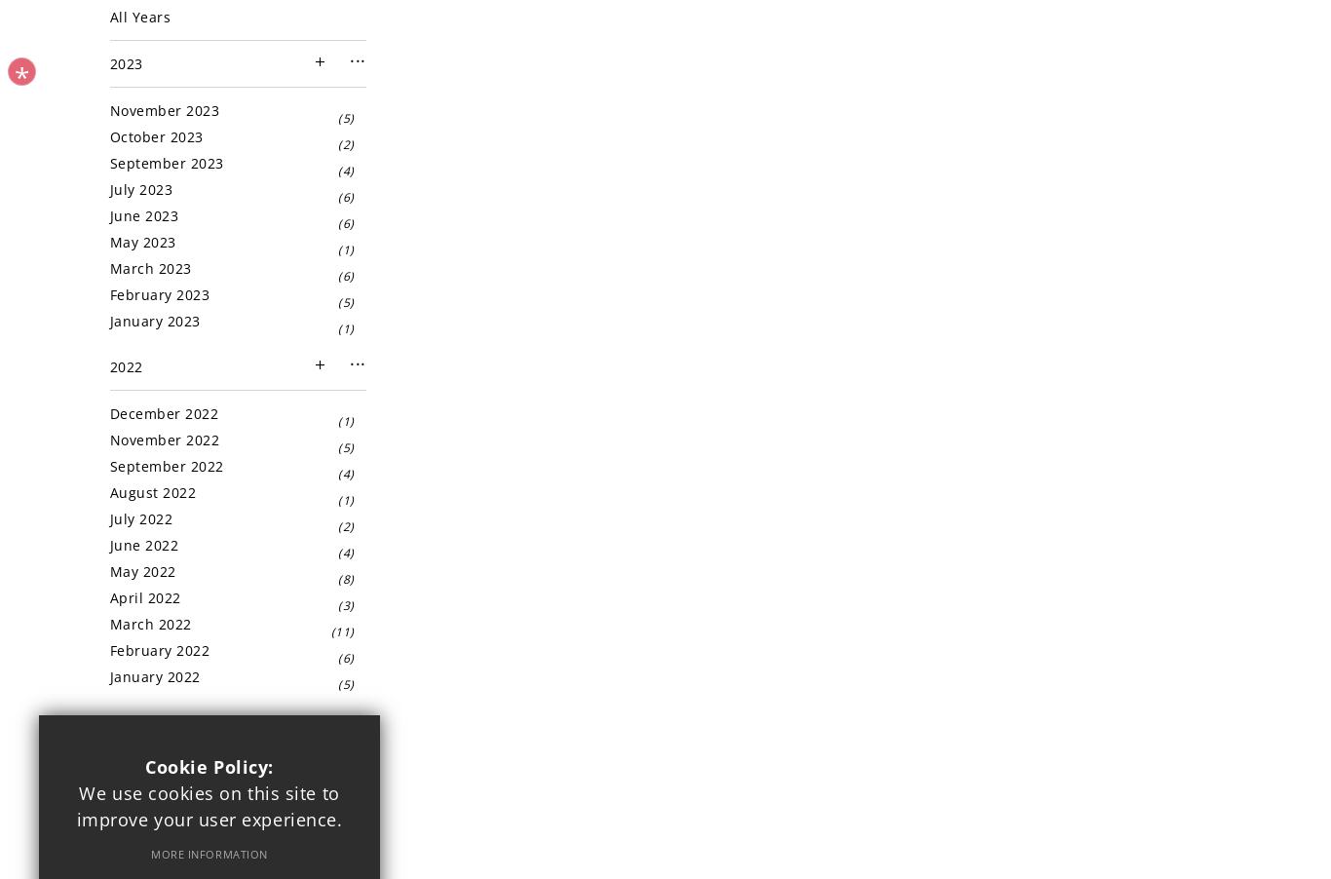 Image resolution: width=1331 pixels, height=879 pixels. Describe the element at coordinates (163, 768) in the screenshot. I see `'December 2021'` at that location.